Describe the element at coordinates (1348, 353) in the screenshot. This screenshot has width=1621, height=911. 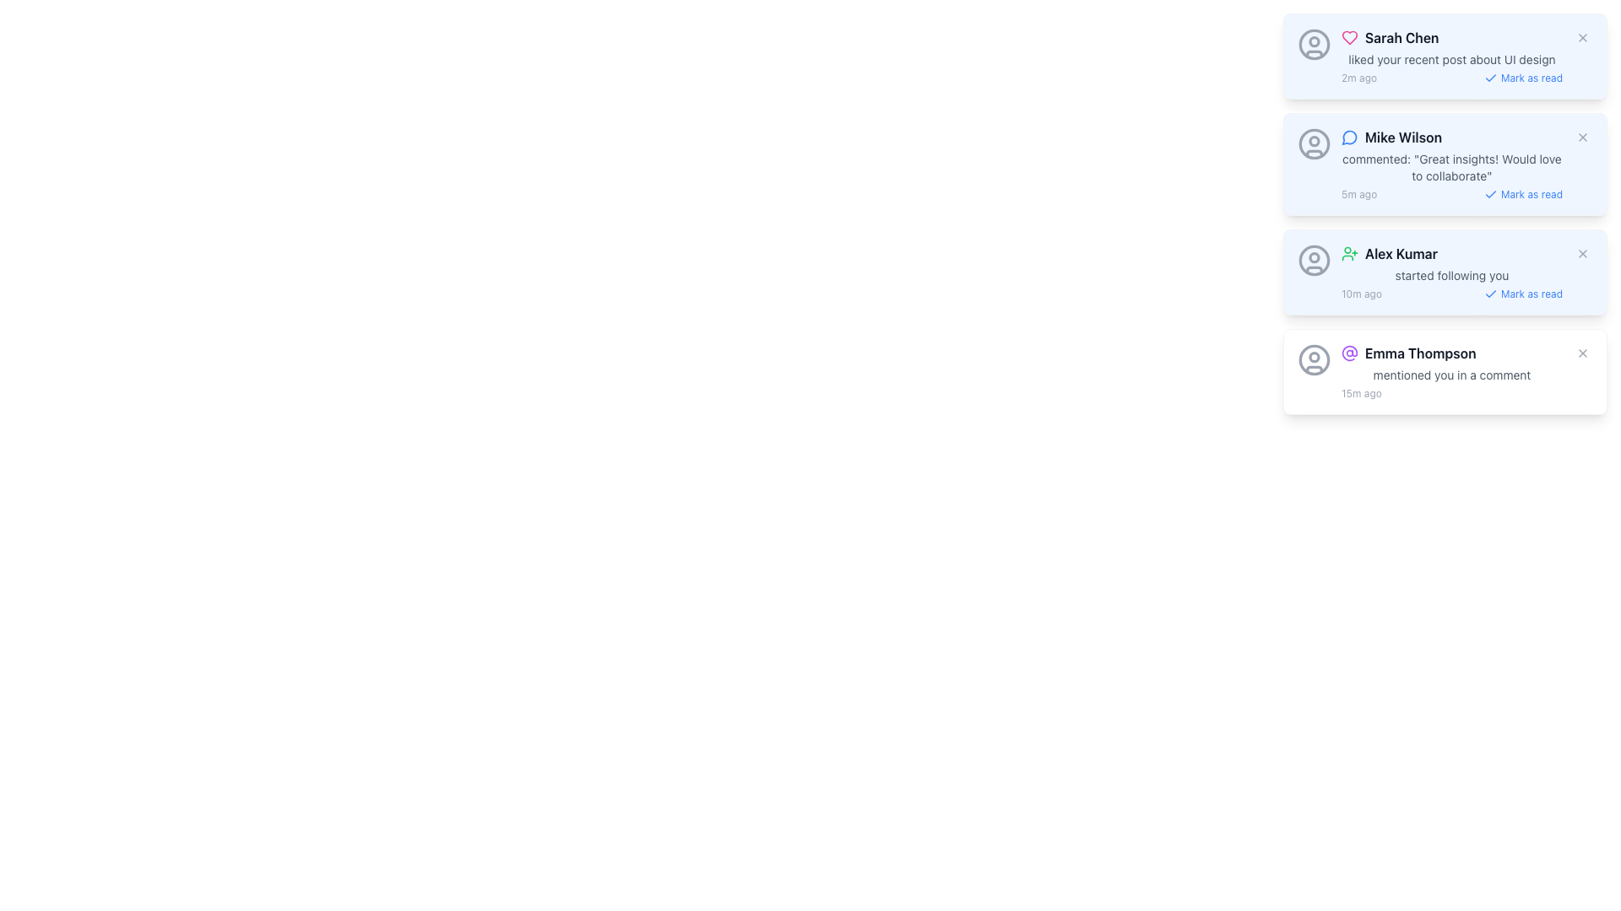
I see `the '@' symbol icon in the notification system associated with Emma Thompson, located at the center of the last notification card` at that location.